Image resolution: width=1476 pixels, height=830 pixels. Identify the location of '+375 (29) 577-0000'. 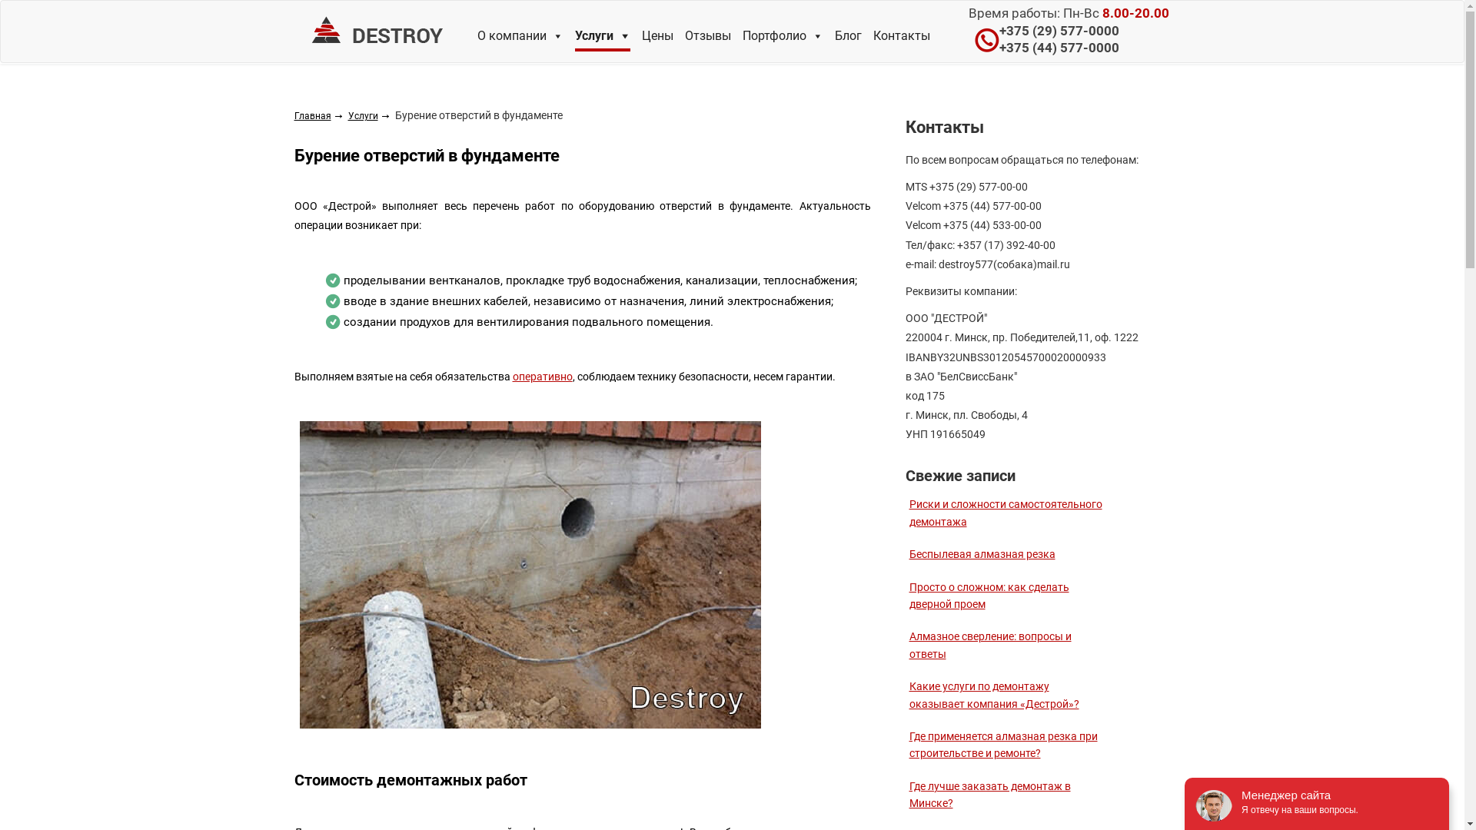
(1058, 30).